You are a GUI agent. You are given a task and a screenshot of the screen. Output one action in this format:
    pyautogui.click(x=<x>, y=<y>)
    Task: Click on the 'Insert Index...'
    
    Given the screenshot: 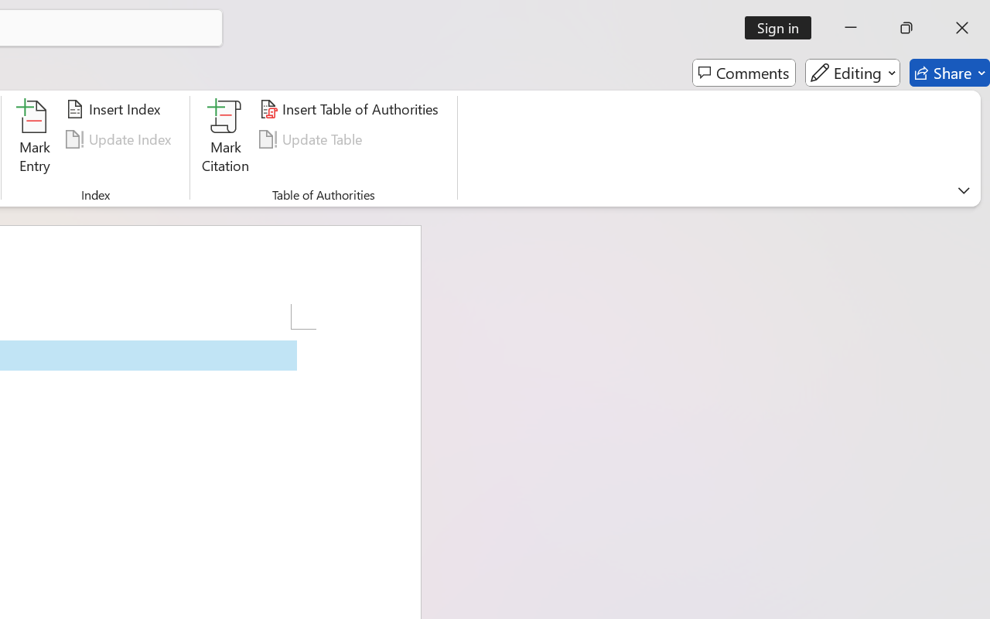 What is the action you would take?
    pyautogui.click(x=114, y=109)
    